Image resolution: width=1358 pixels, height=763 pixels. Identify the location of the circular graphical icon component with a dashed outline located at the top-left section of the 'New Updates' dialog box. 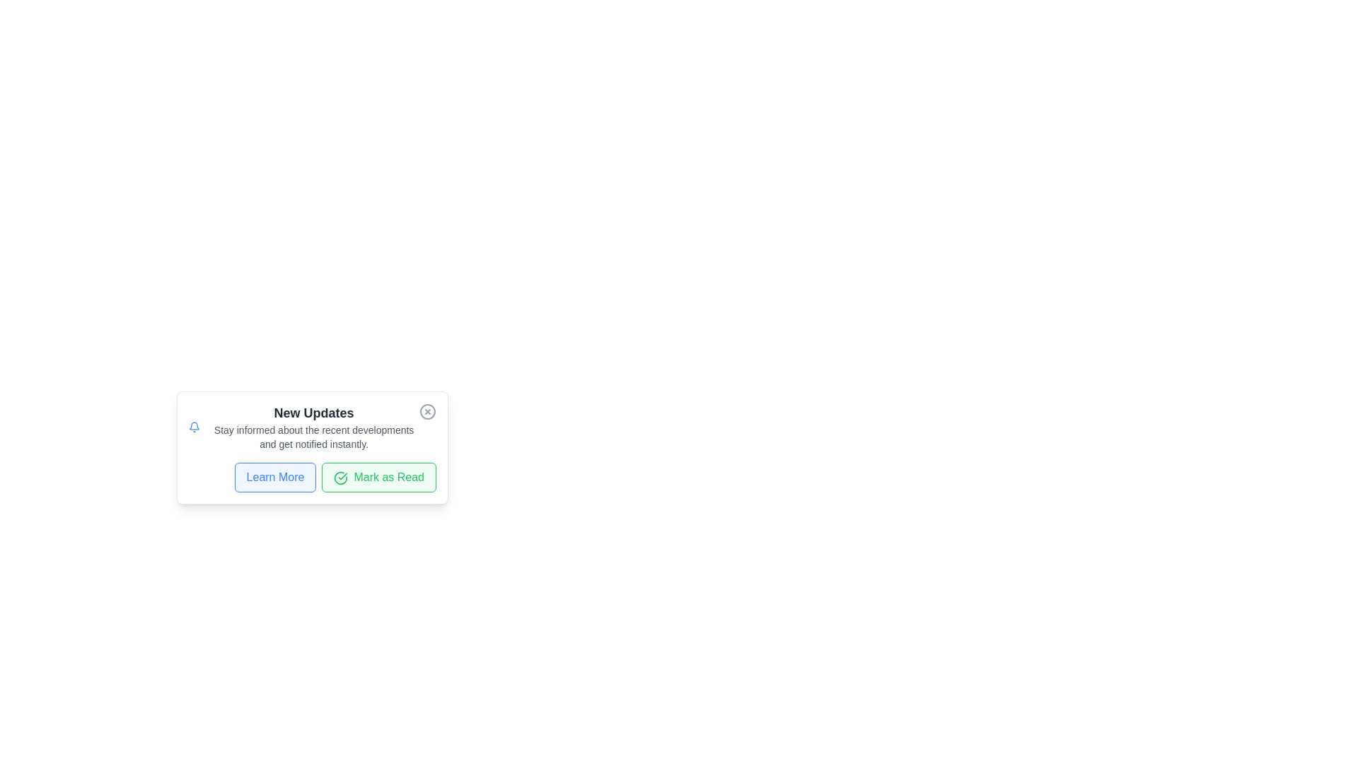
(341, 478).